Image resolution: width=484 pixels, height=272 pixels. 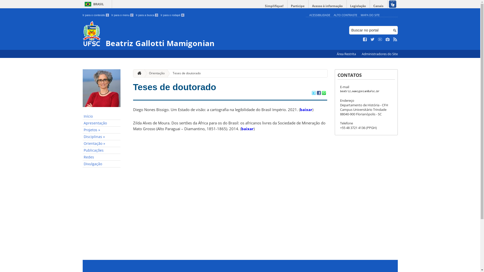 I want to click on 'Compartilhar no WhatsApp', so click(x=323, y=93).